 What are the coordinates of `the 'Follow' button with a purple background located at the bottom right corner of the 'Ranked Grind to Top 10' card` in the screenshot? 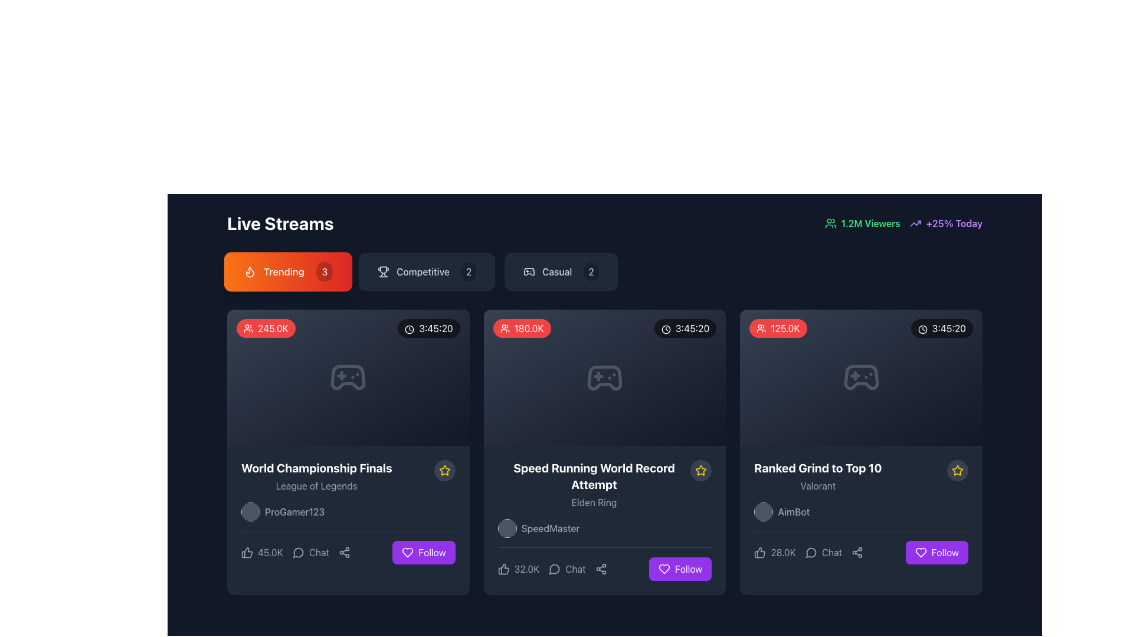 It's located at (945, 553).